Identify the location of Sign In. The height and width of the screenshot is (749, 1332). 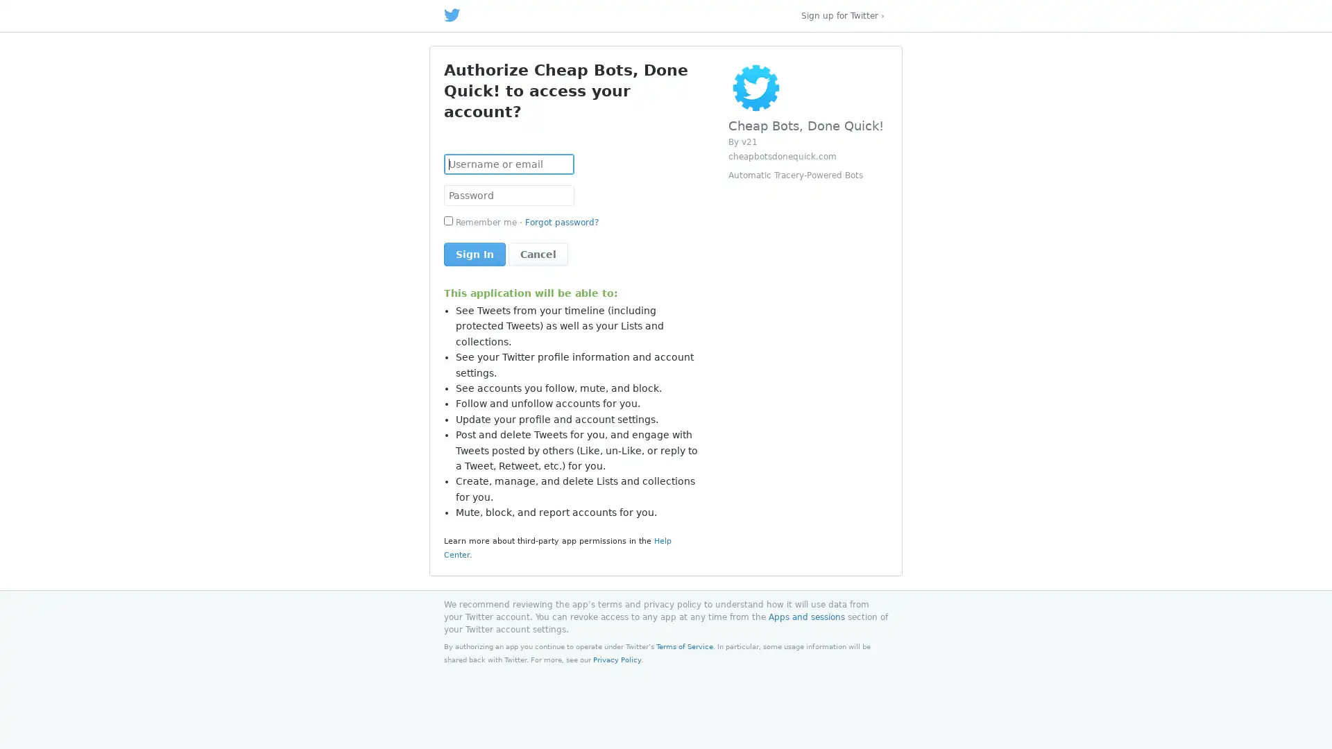
(475, 254).